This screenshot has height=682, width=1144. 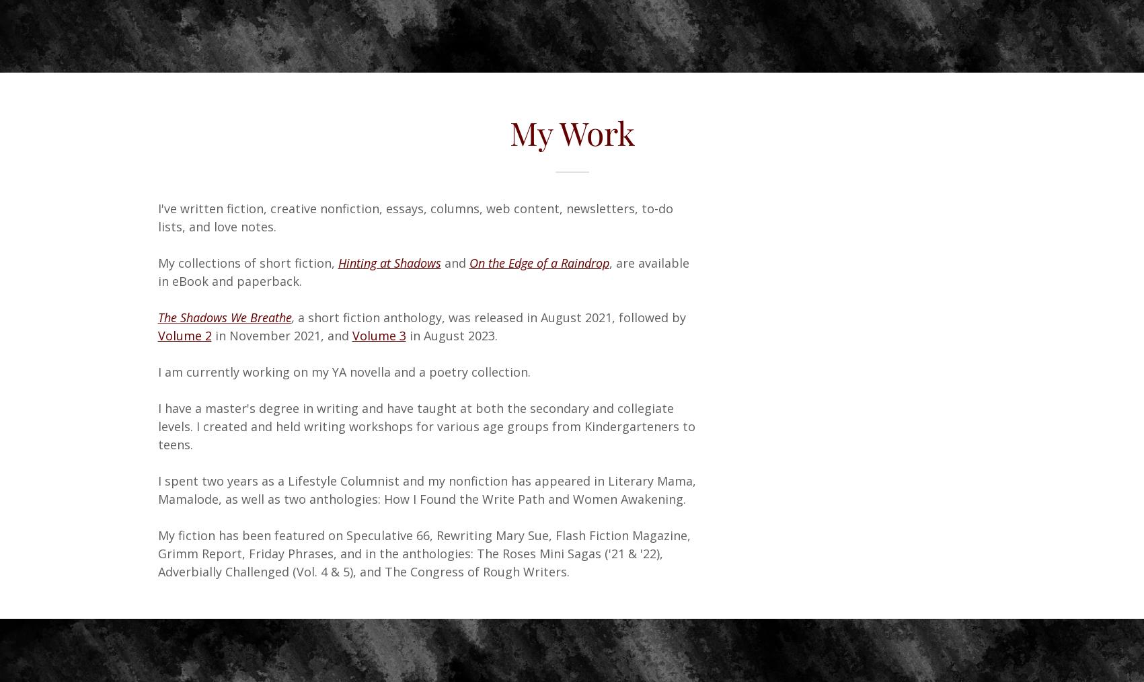 I want to click on 'Volume 3', so click(x=379, y=334).